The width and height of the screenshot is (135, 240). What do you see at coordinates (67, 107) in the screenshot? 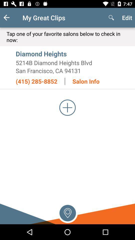
I see `button` at bounding box center [67, 107].